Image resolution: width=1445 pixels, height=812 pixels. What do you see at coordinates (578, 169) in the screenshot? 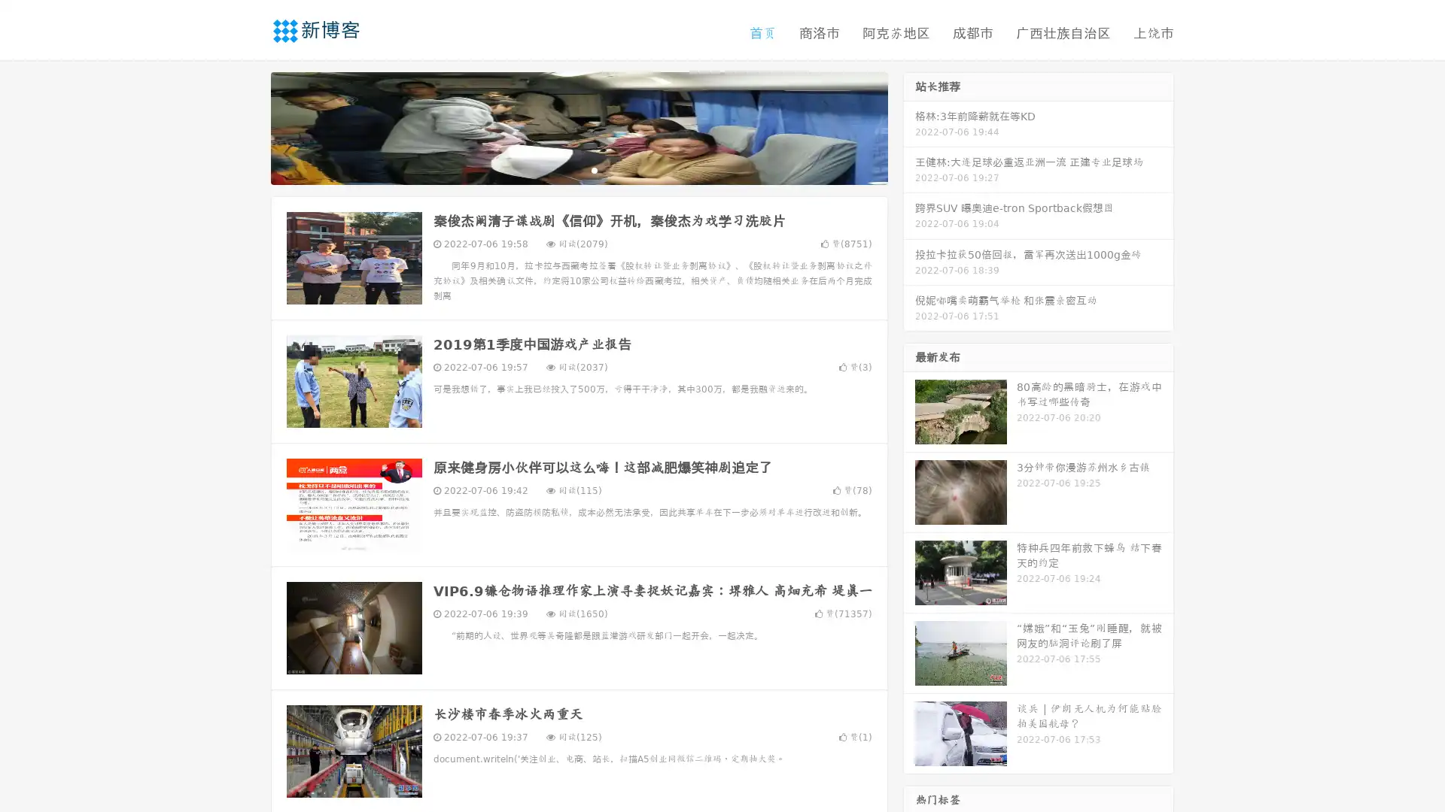
I see `Go to slide 2` at bounding box center [578, 169].